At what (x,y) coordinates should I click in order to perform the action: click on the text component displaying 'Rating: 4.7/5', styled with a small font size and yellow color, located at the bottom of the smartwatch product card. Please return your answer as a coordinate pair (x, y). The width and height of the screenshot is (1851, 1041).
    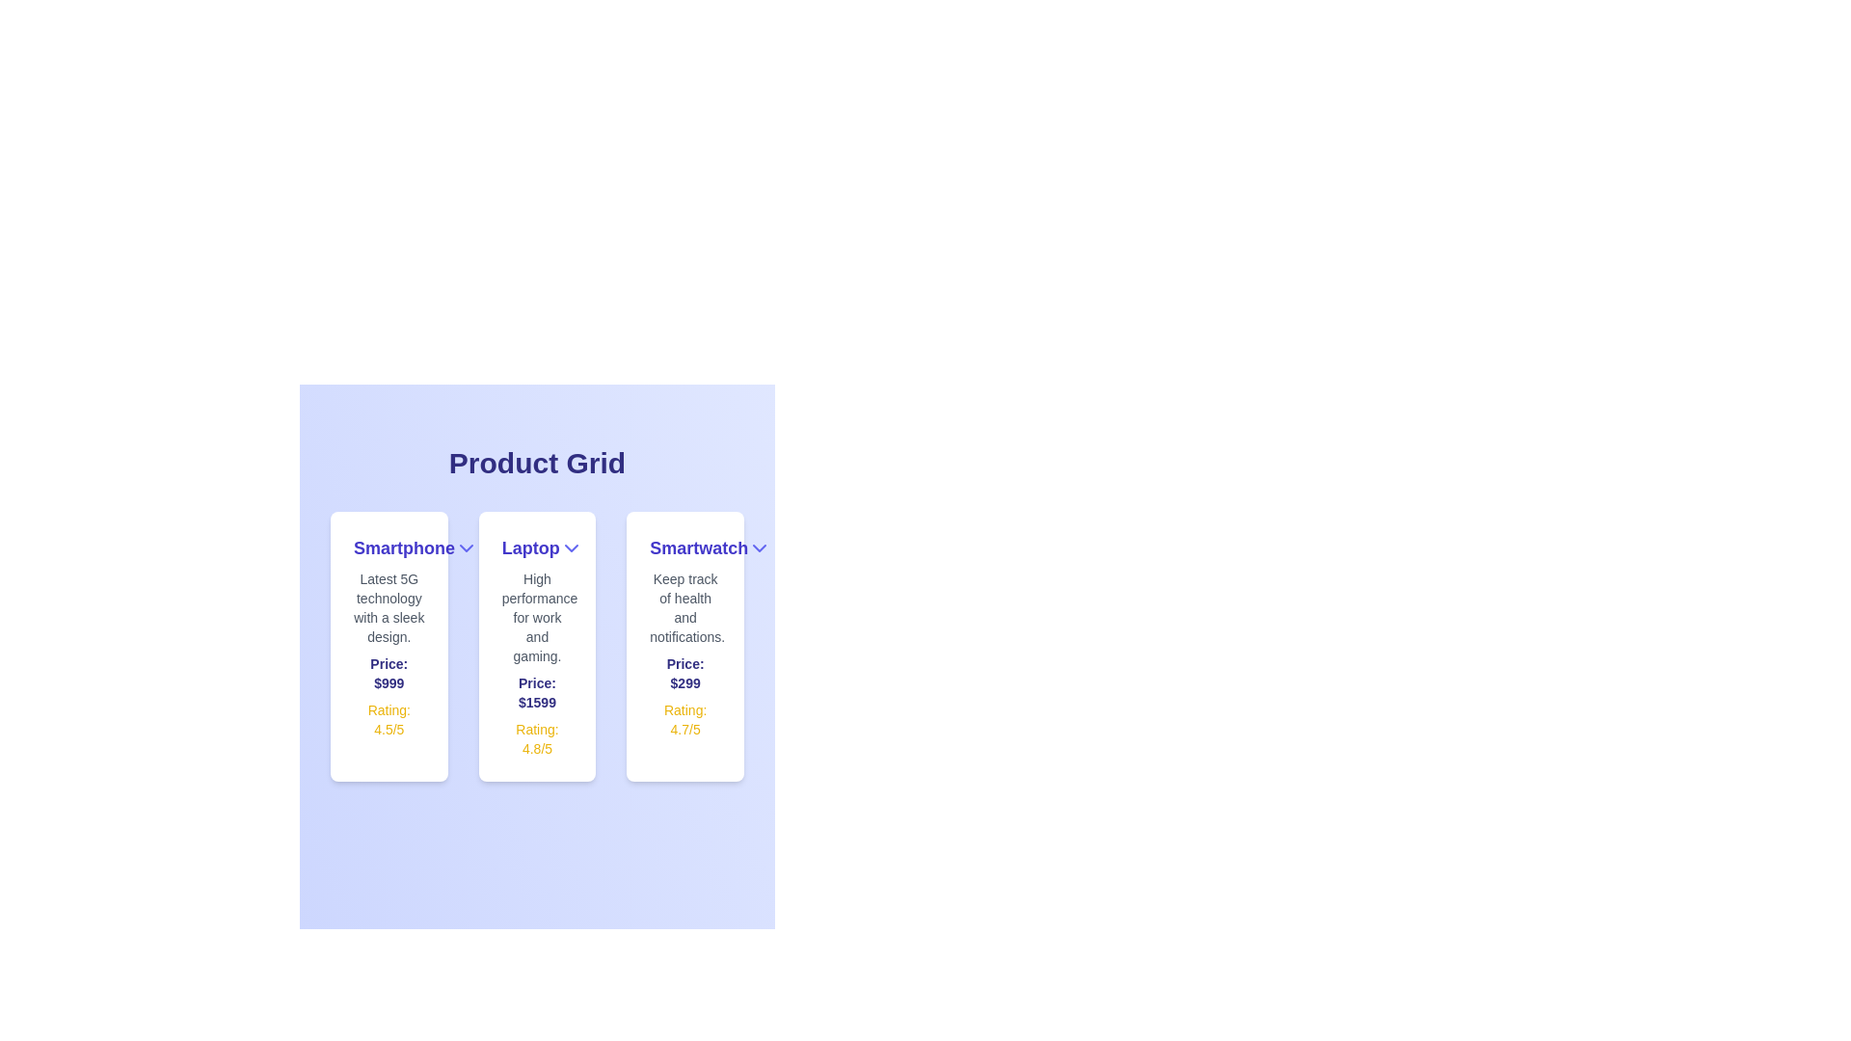
    Looking at the image, I should click on (685, 720).